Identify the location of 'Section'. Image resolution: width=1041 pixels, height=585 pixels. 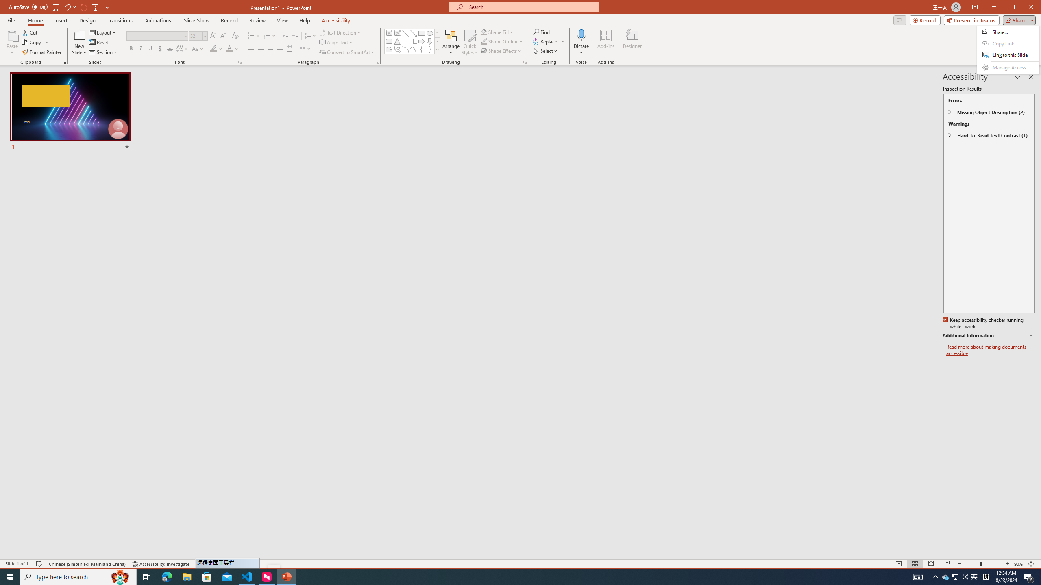
(103, 52).